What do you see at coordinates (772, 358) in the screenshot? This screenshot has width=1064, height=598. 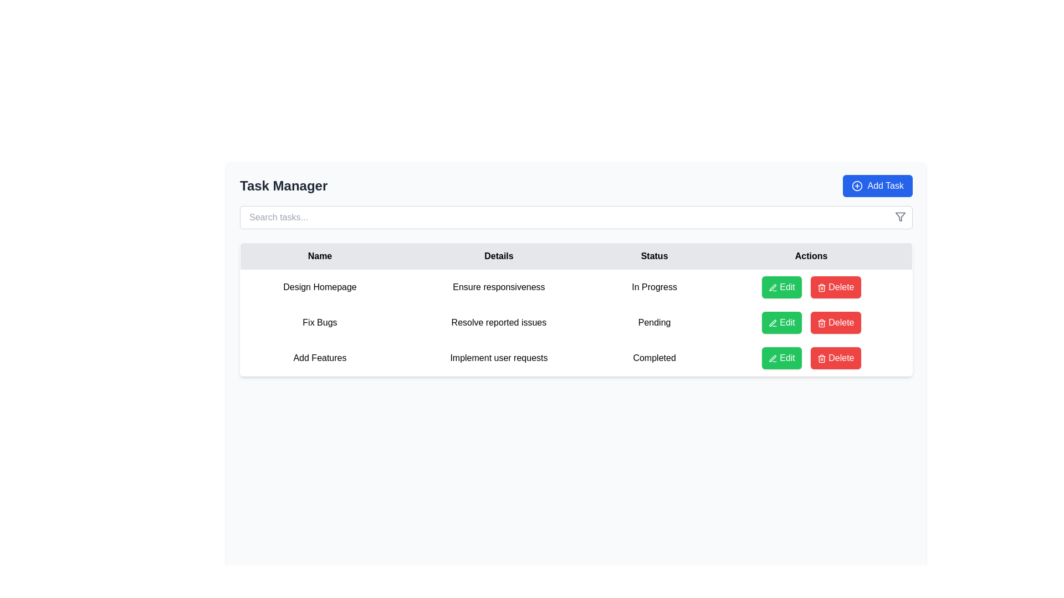 I see `the 'Edit' button, which is a green button containing a pen icon and the text label 'Edit', located in the 'Actions' column of the 'Completed' row in the table` at bounding box center [772, 358].